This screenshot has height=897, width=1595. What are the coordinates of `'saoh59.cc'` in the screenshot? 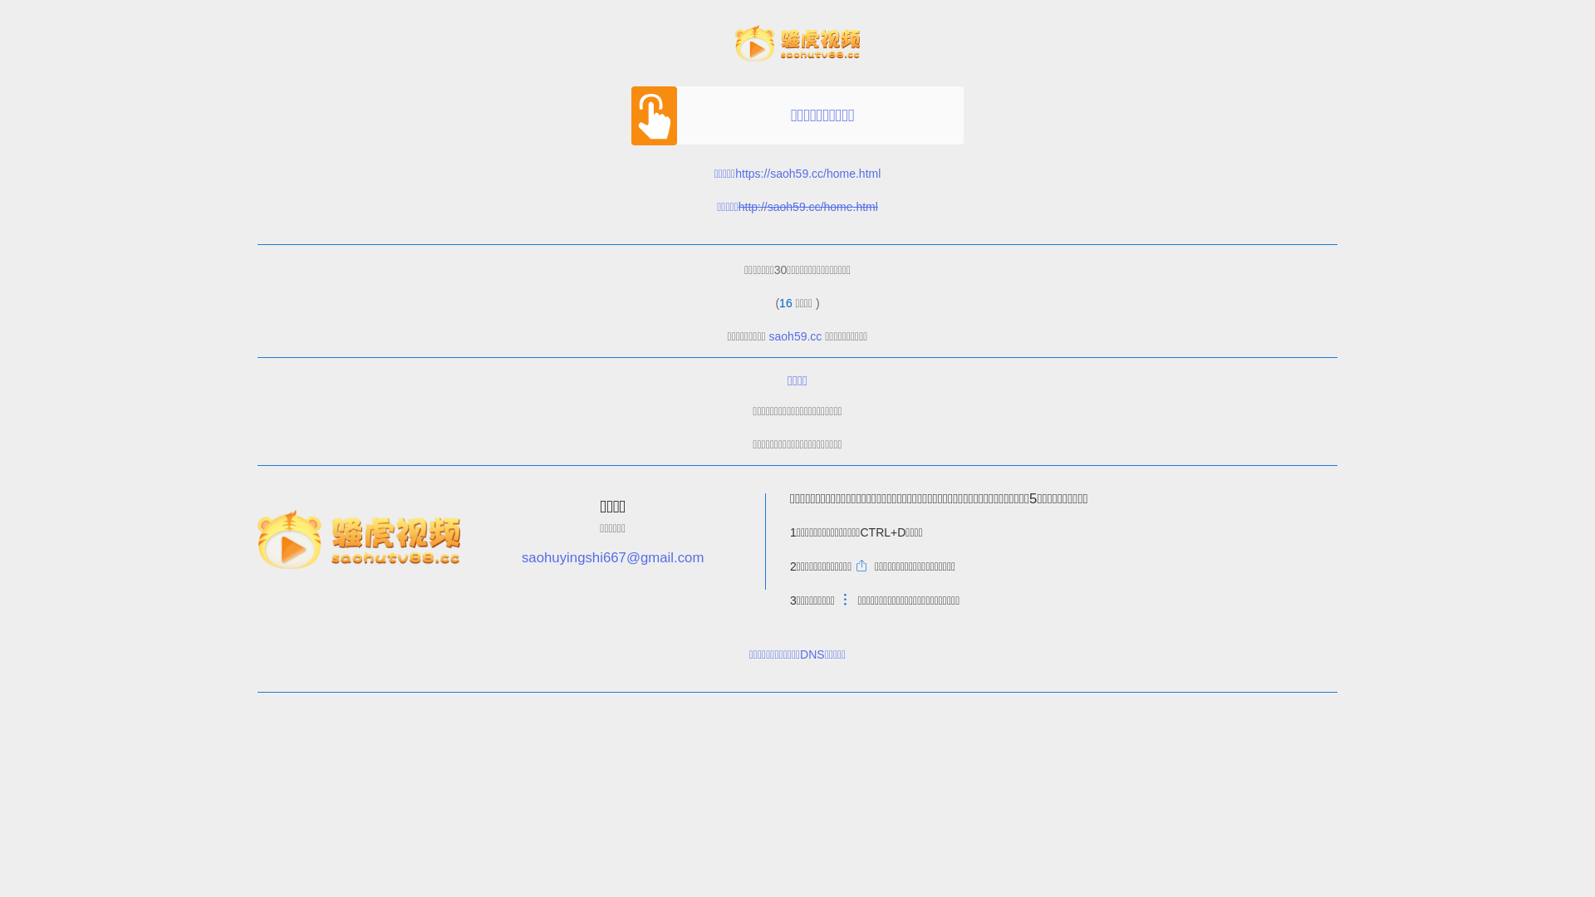 It's located at (795, 336).